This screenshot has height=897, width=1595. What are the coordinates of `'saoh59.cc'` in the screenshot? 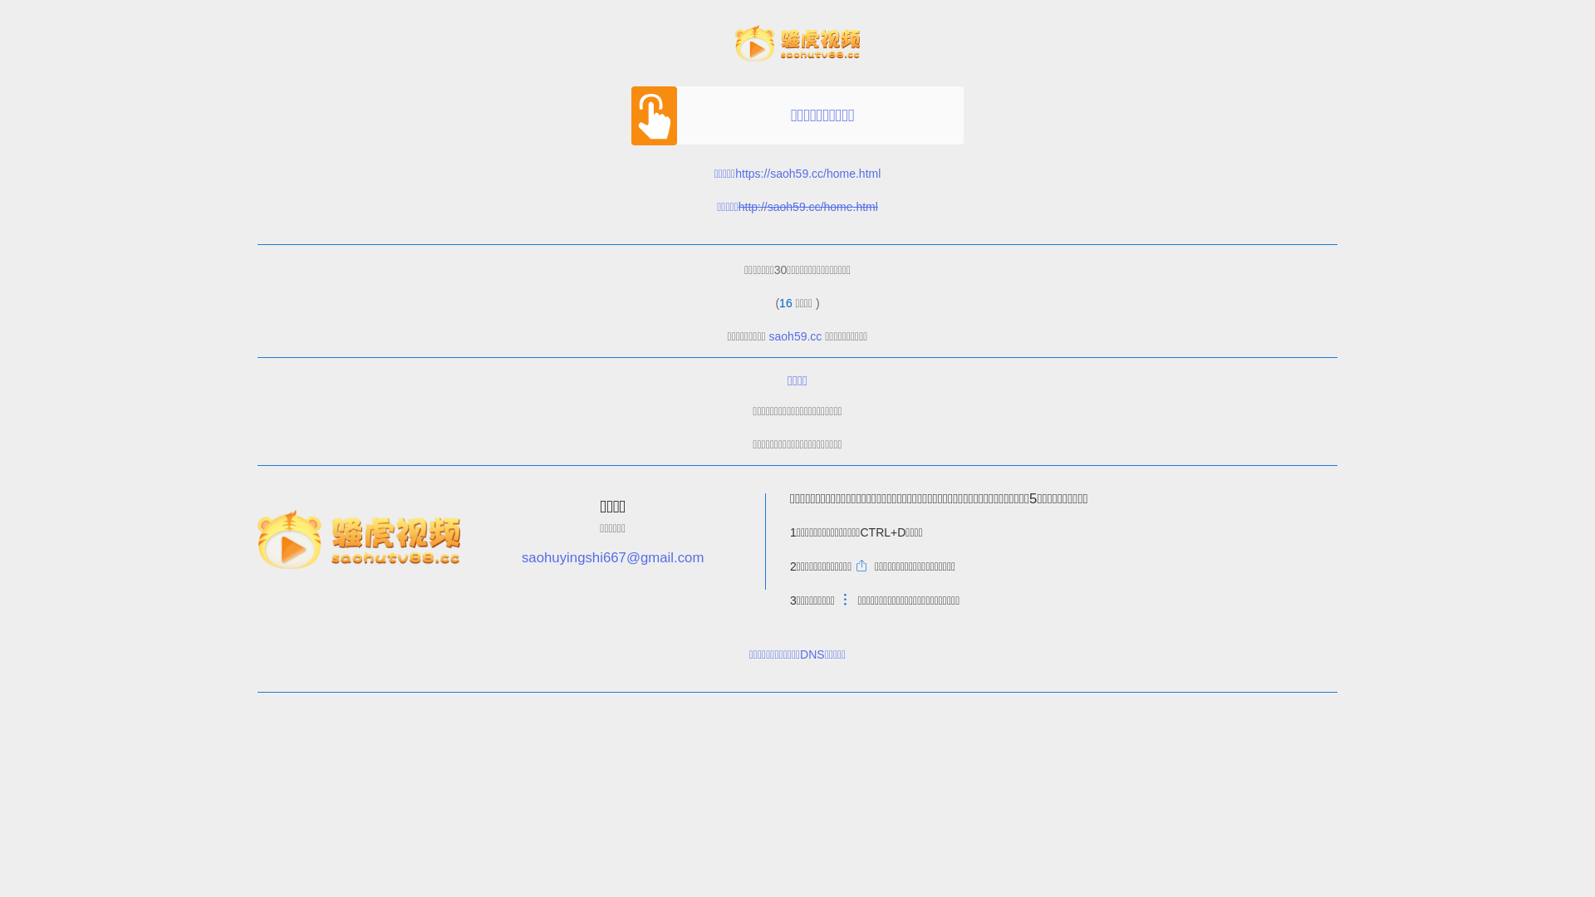 It's located at (795, 336).